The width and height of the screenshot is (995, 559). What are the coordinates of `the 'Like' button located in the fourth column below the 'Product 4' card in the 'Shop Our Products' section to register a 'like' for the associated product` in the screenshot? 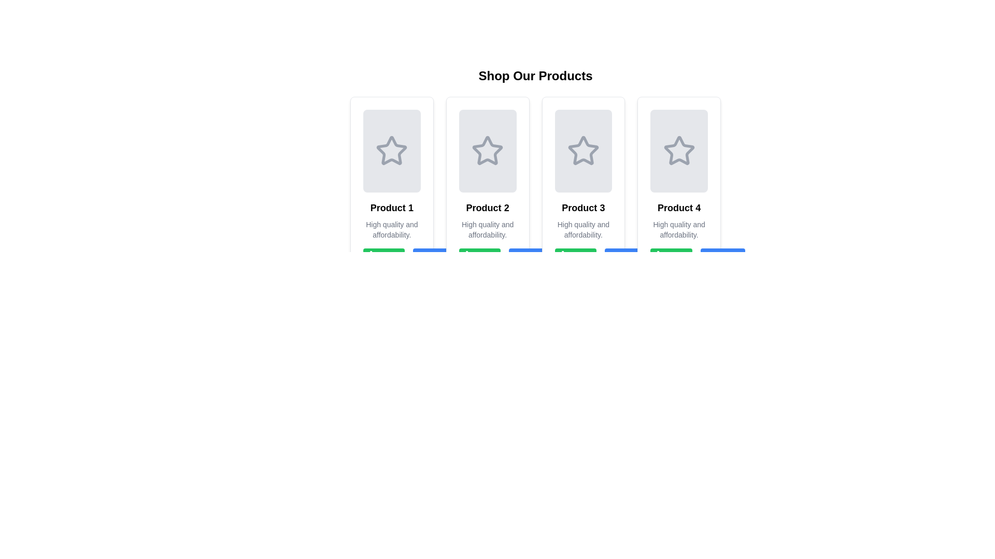 It's located at (679, 256).